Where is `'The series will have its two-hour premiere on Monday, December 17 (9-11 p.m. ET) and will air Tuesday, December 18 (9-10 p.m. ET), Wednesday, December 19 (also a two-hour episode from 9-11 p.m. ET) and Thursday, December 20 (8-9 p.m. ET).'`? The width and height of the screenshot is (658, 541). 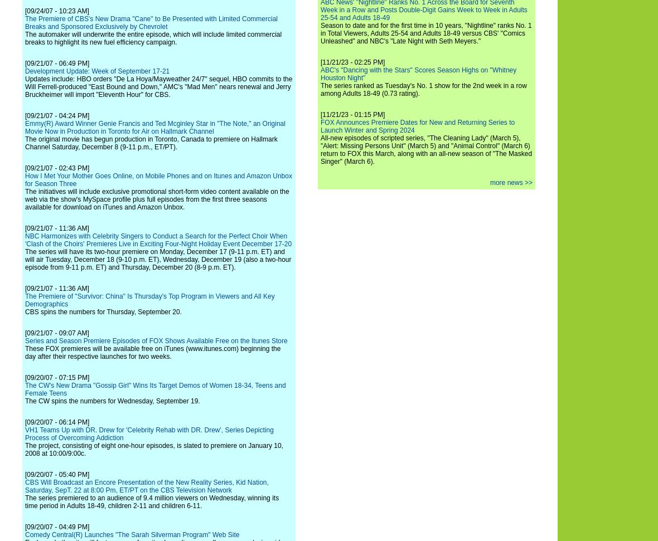
'The series will have its two-hour premiere on Monday, December 17 (9-11 p.m. ET) and will air Tuesday, December 18 (9-10 p.m. ET), Wednesday, December 19 (also a two-hour episode from 9-11 p.m. ET) and Thursday, December 20 (8-9 p.m. ET).' is located at coordinates (158, 259).